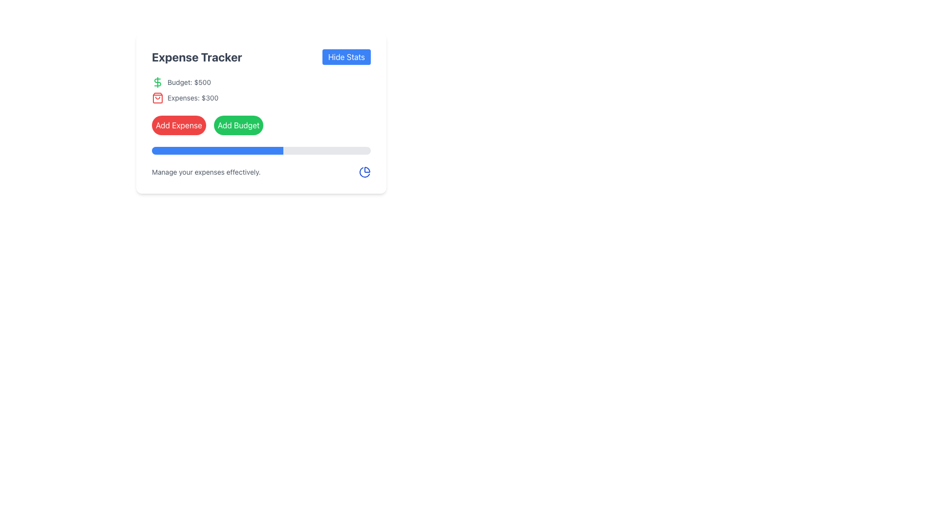 The image size is (938, 527). Describe the element at coordinates (206, 172) in the screenshot. I see `text label displaying 'Manage your expenses effectively.' located below the progress bar and above the pie-chart icon` at that location.